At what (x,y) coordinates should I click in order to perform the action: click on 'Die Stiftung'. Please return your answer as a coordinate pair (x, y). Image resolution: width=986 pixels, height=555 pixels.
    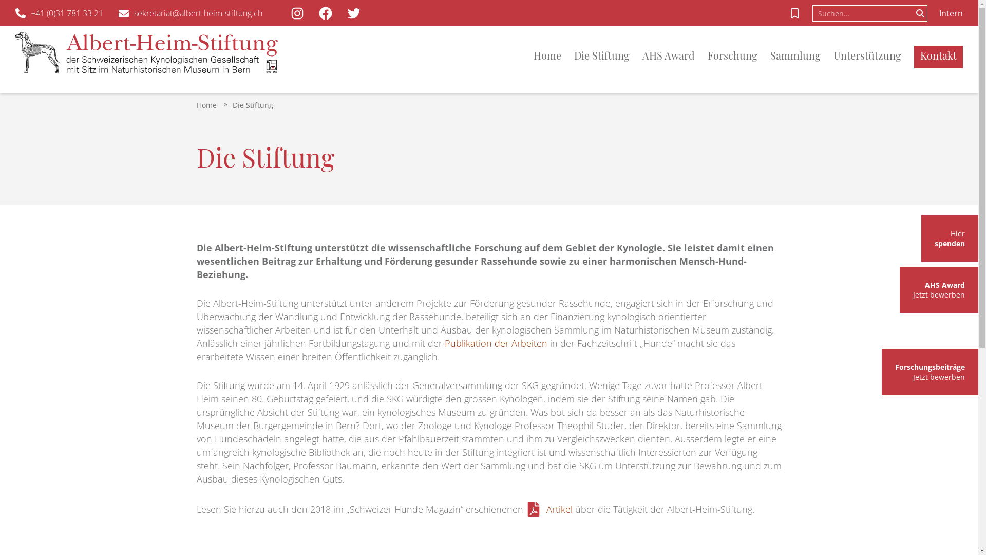
    Looking at the image, I should click on (252, 105).